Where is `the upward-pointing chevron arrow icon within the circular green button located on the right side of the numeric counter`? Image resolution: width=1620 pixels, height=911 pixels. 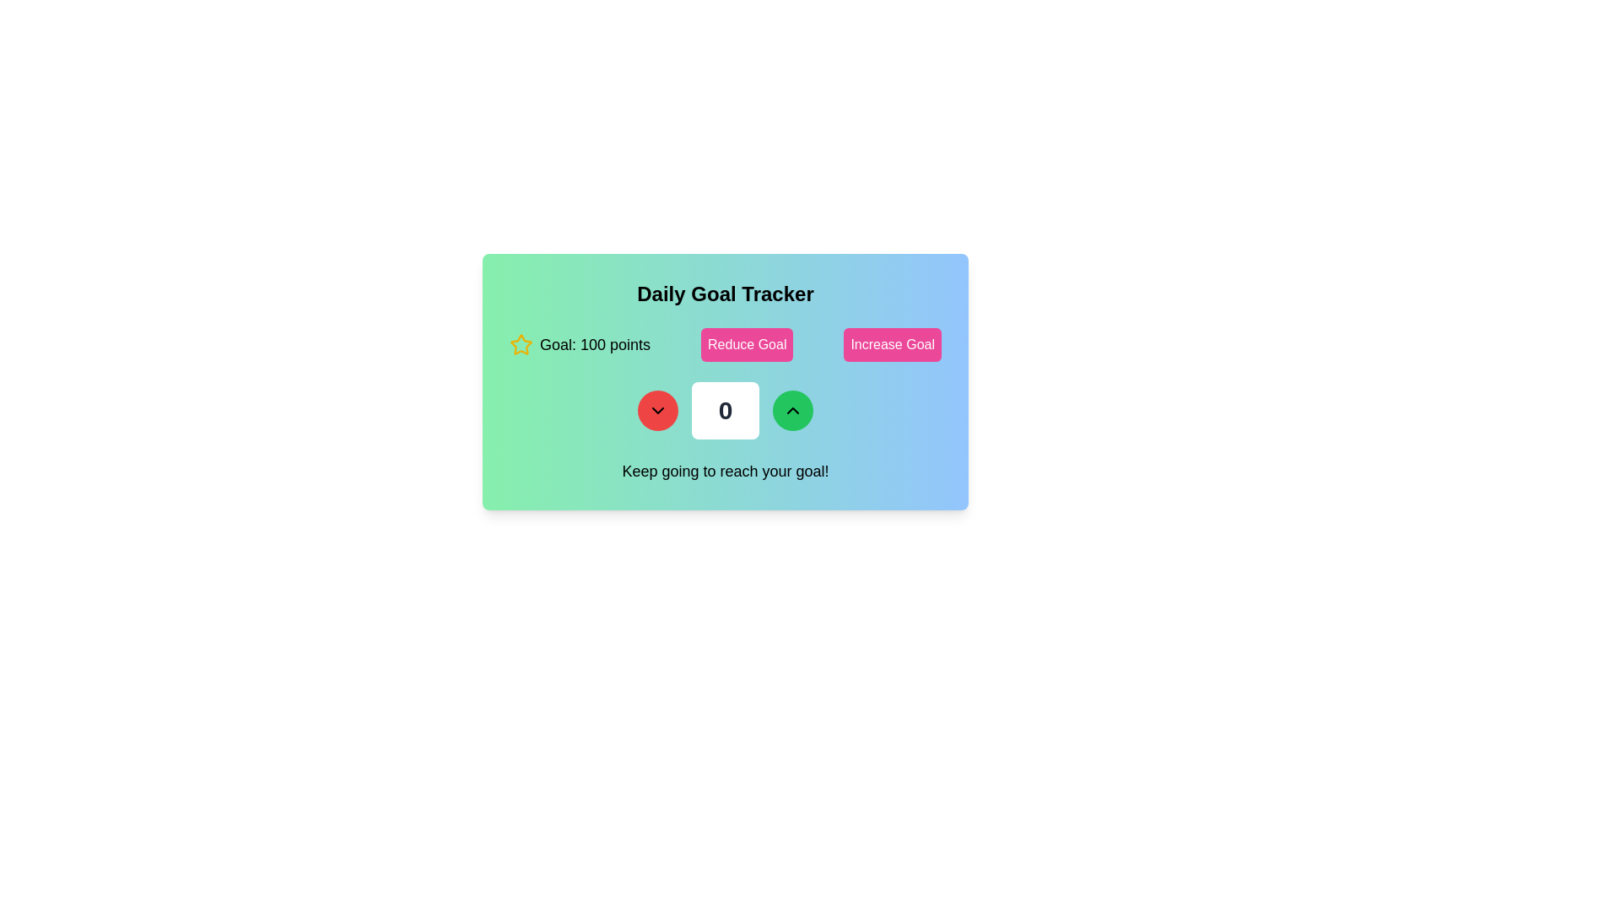 the upward-pointing chevron arrow icon within the circular green button located on the right side of the numeric counter is located at coordinates (792, 410).